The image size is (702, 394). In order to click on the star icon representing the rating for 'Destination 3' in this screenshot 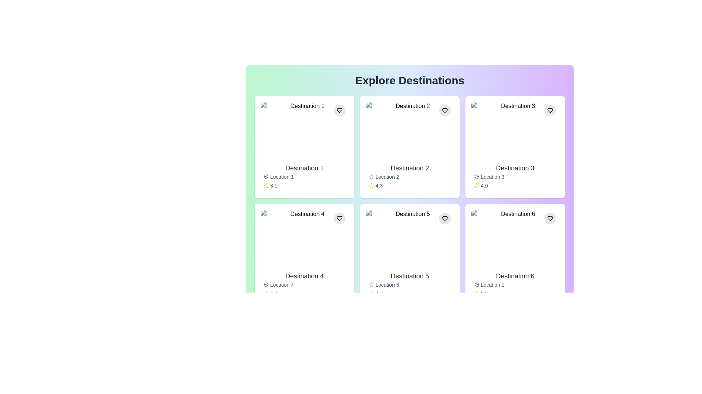, I will do `click(477, 185)`.